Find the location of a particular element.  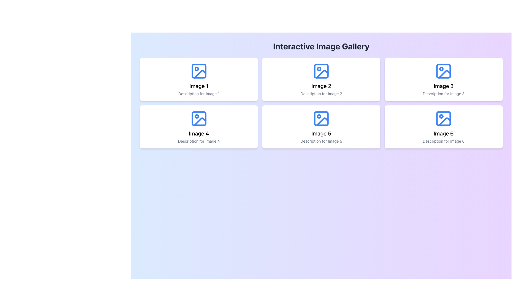

the blue icon representing an image located in the second grid card labeled 'Image 2' is located at coordinates (321, 71).